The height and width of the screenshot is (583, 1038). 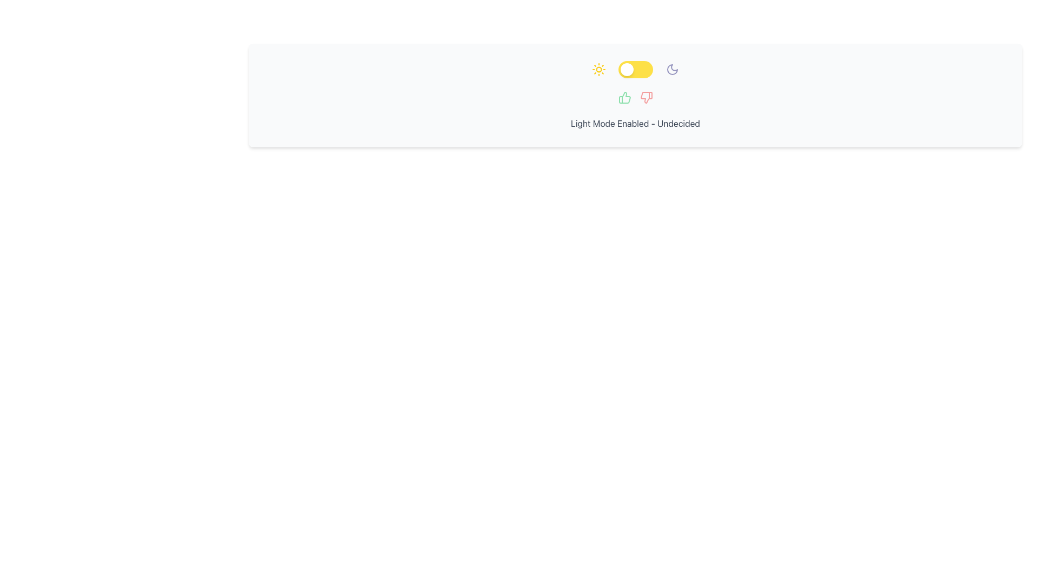 I want to click on the crescent moon icon in the interface header, so click(x=671, y=69).